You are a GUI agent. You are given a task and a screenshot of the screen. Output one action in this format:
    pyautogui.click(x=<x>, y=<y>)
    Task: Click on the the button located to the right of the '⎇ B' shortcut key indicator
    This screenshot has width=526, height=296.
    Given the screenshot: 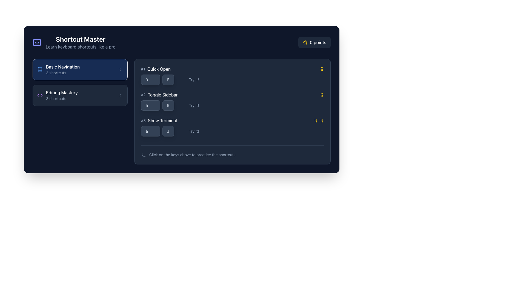 What is the action you would take?
    pyautogui.click(x=190, y=106)
    